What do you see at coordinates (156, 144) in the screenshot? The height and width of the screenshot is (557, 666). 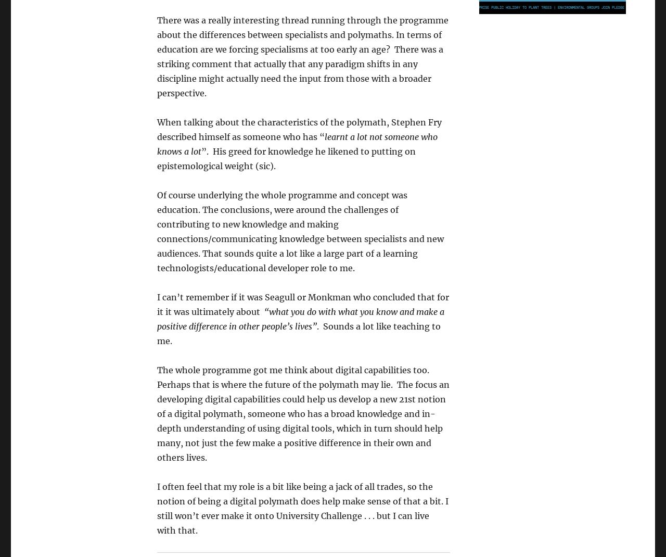 I see `'learnt a lot not someone who knows a lot'` at bounding box center [156, 144].